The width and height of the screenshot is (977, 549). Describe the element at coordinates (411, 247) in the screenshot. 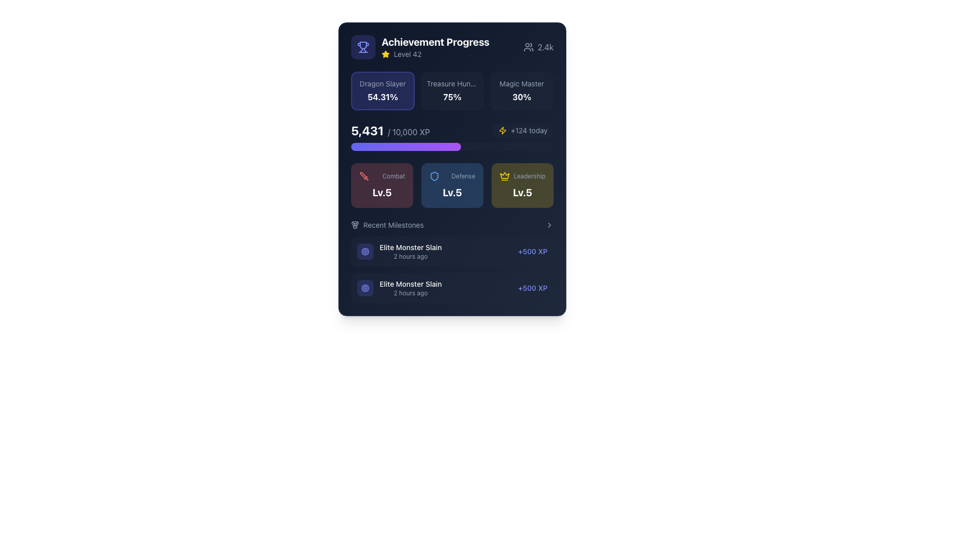

I see `'Elite Monster Slain' text label located in the 'Recent Milestones' section, positioned as the first label under the section header` at that location.